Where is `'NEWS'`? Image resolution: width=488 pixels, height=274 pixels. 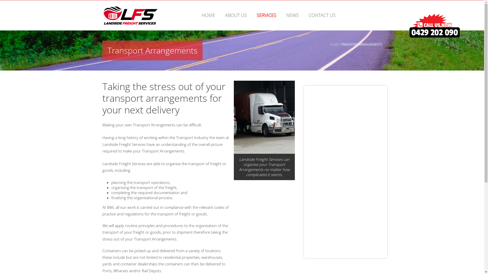
'NEWS' is located at coordinates (292, 15).